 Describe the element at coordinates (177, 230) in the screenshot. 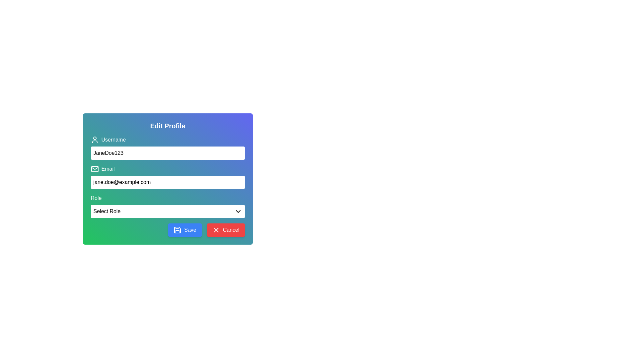

I see `the 'Save' button which contains the floppy disk icon` at that location.